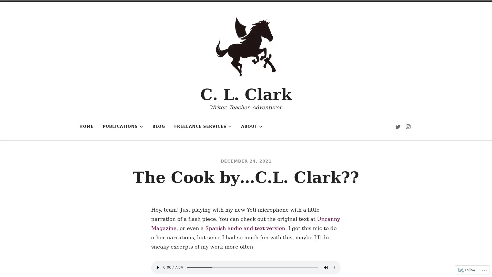  What do you see at coordinates (334, 267) in the screenshot?
I see `show more media controls` at bounding box center [334, 267].